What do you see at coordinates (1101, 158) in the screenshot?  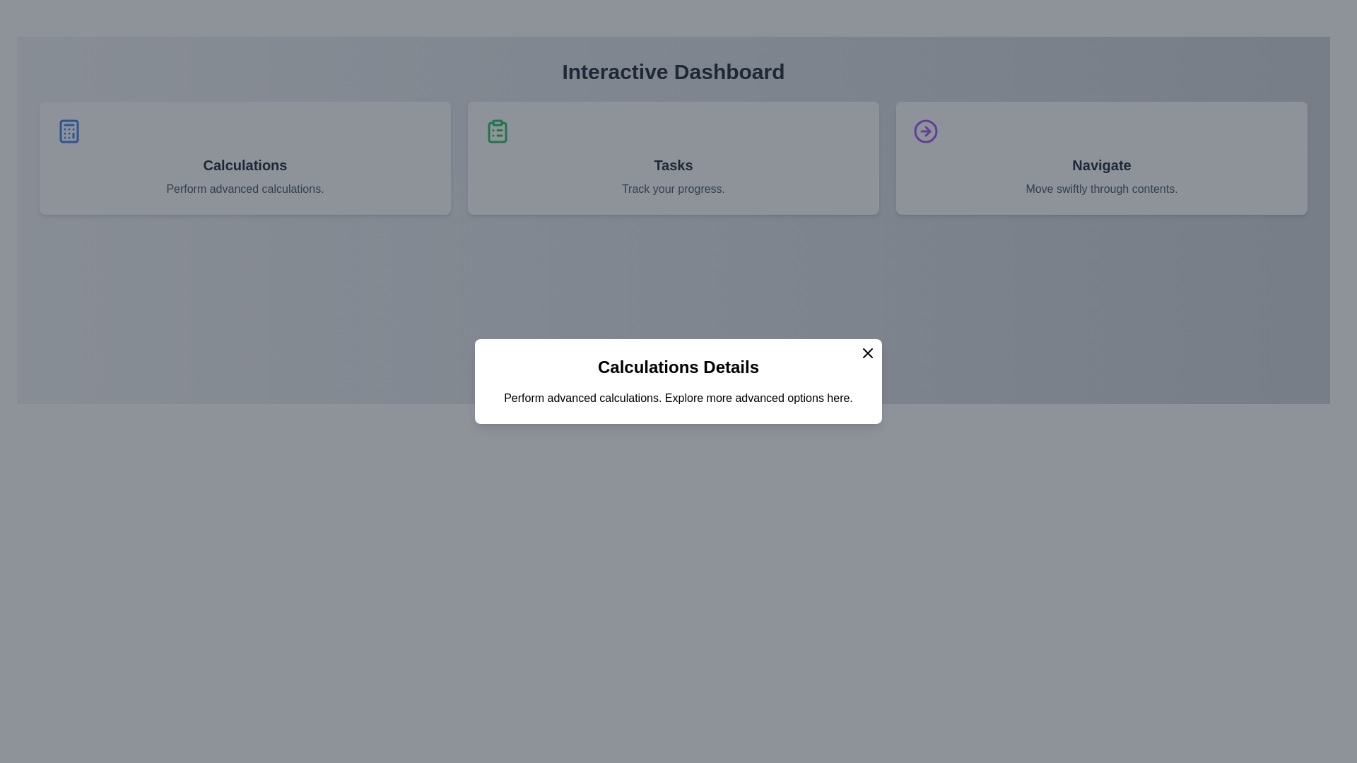 I see `the third Card component in the top-right corner of the grid` at bounding box center [1101, 158].